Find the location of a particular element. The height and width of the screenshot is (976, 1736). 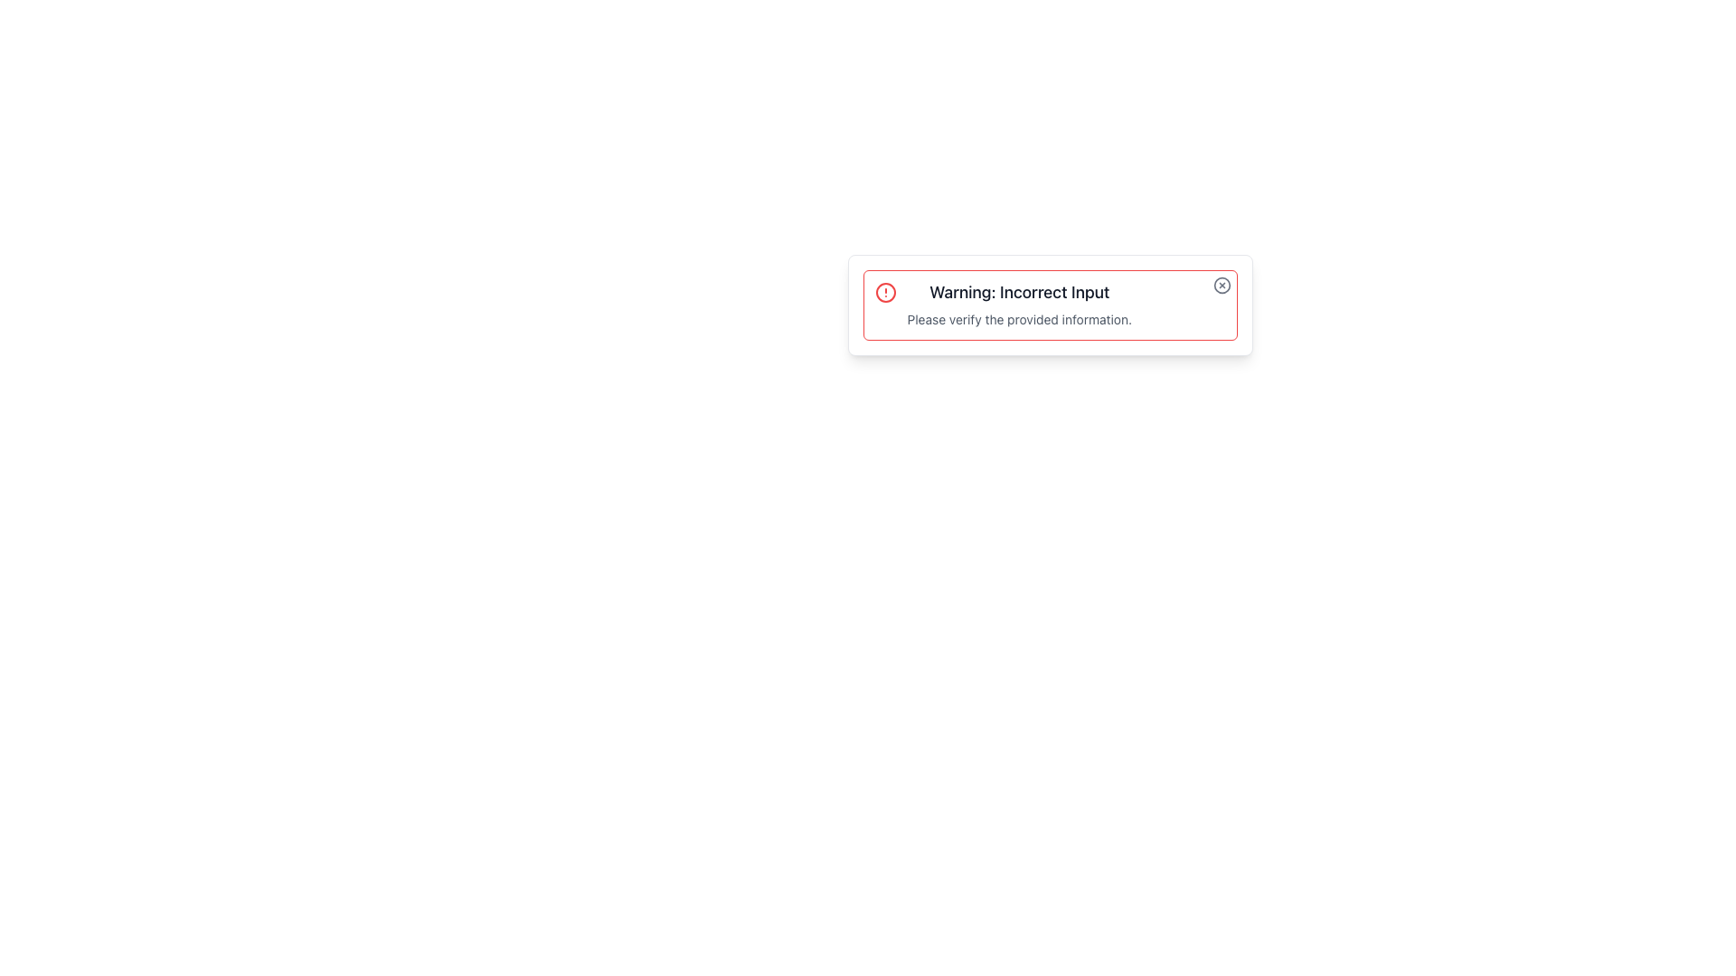

the decorative circle component of the close button icon located in the top-right corner of the alert box with the text 'Warning: Incorrect Input' is located at coordinates (1222, 285).